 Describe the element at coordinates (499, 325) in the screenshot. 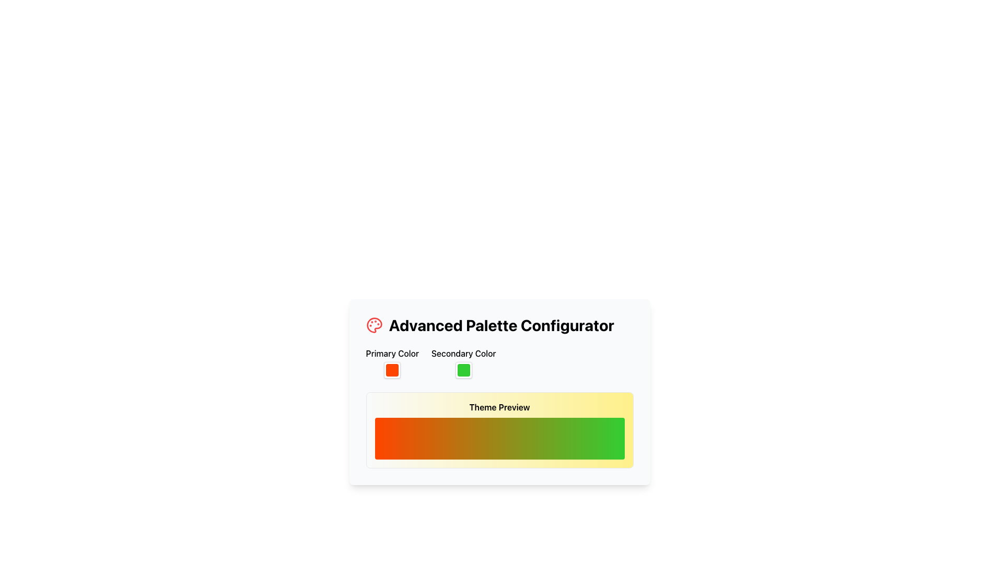

I see `the Heading with an icon that indicates advanced palette configuration by moving the cursor to its center point` at that location.